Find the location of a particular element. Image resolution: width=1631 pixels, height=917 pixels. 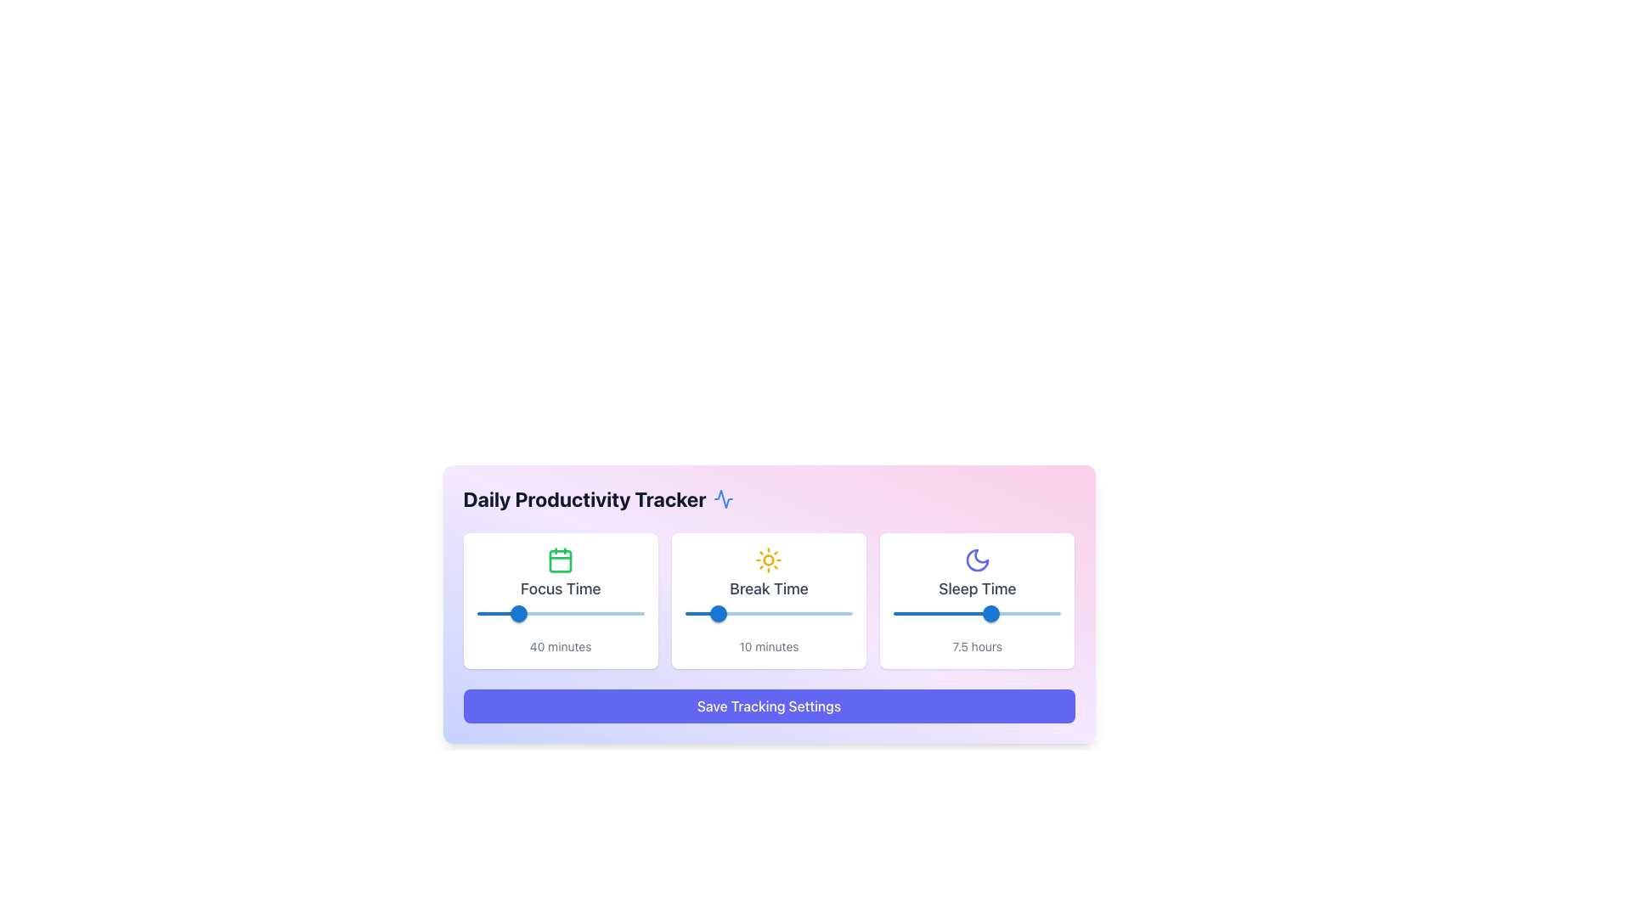

the 'Break Time' text label, which is styled with a medium font and gray color, located in the center of a white card below a yellow sun icon is located at coordinates (768, 588).